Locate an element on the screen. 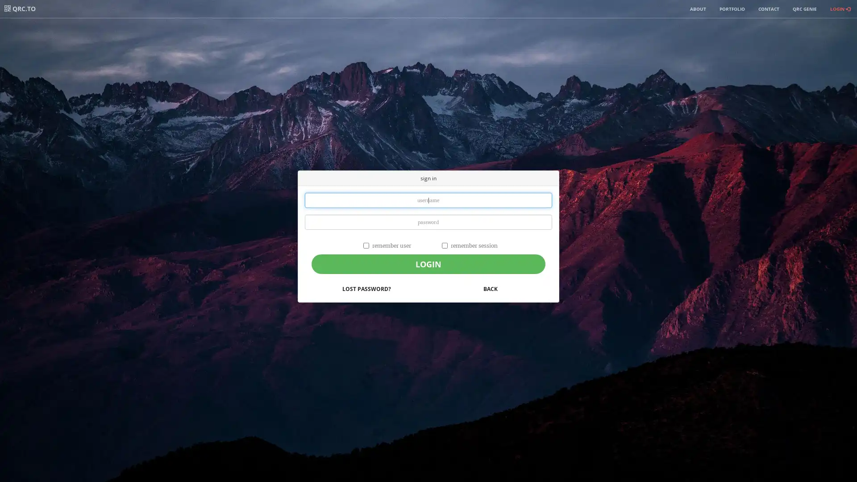 The height and width of the screenshot is (482, 857). LOGIN is located at coordinates (428, 263).